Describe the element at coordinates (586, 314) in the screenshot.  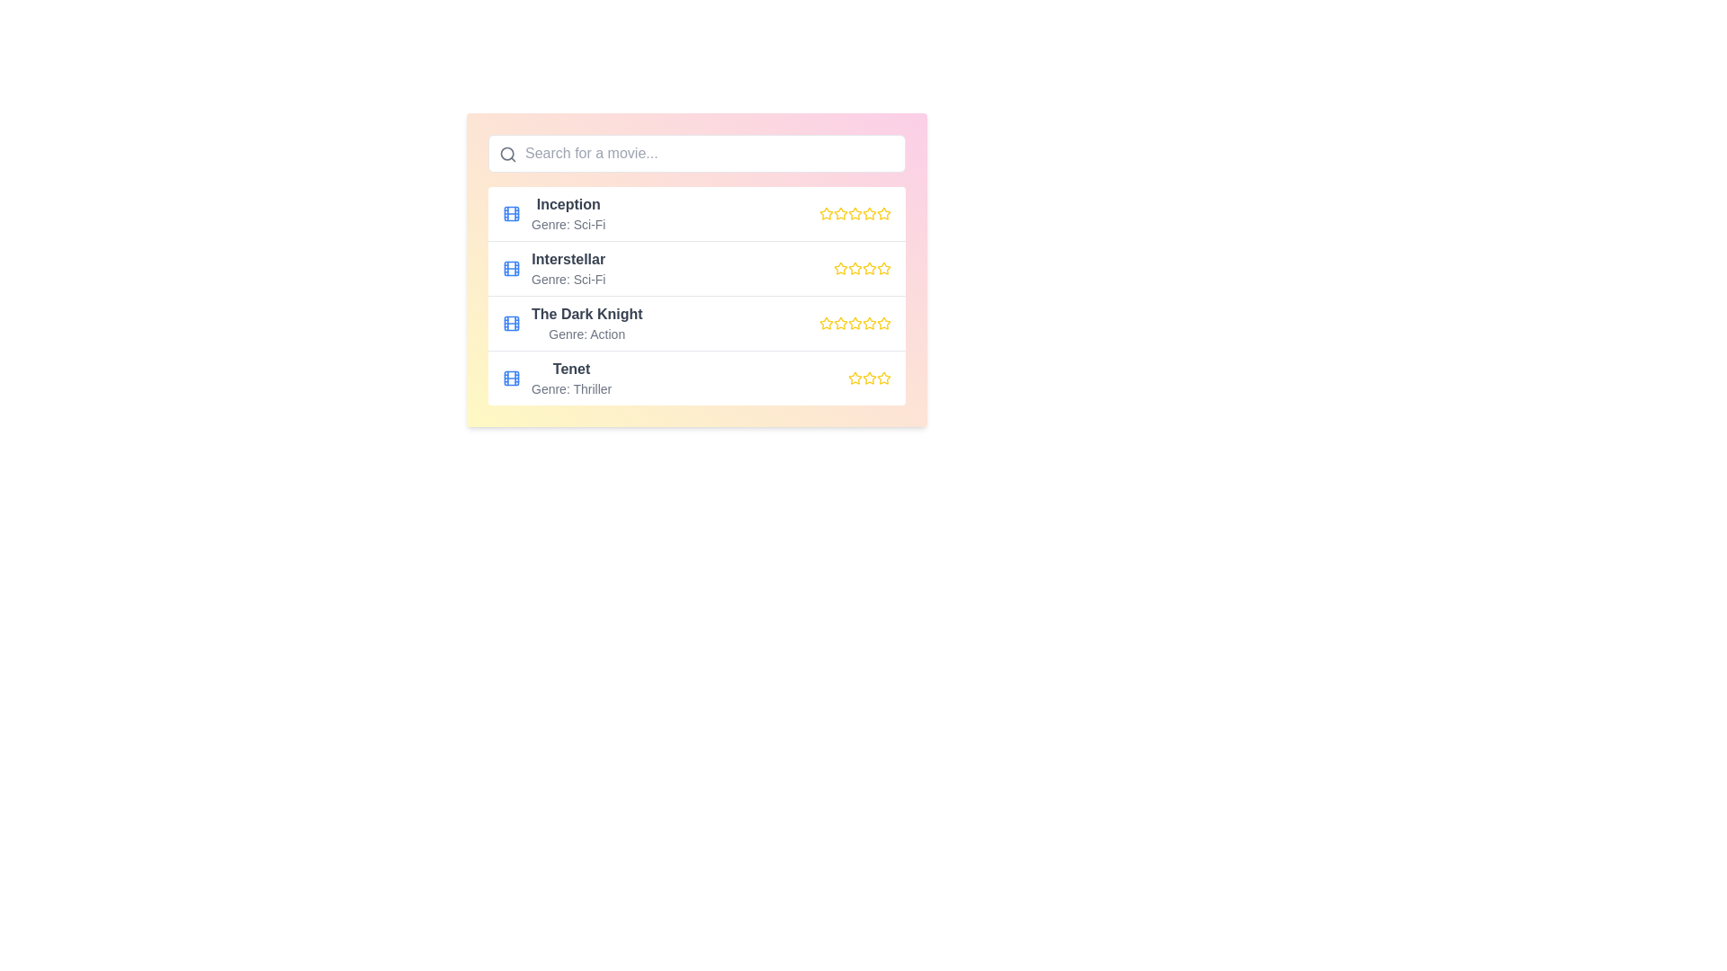
I see `text label displaying 'The Dark Knight', which is a bold gray text prominently positioned in the third row of a vertically stacked list in the movie selection interface` at that location.